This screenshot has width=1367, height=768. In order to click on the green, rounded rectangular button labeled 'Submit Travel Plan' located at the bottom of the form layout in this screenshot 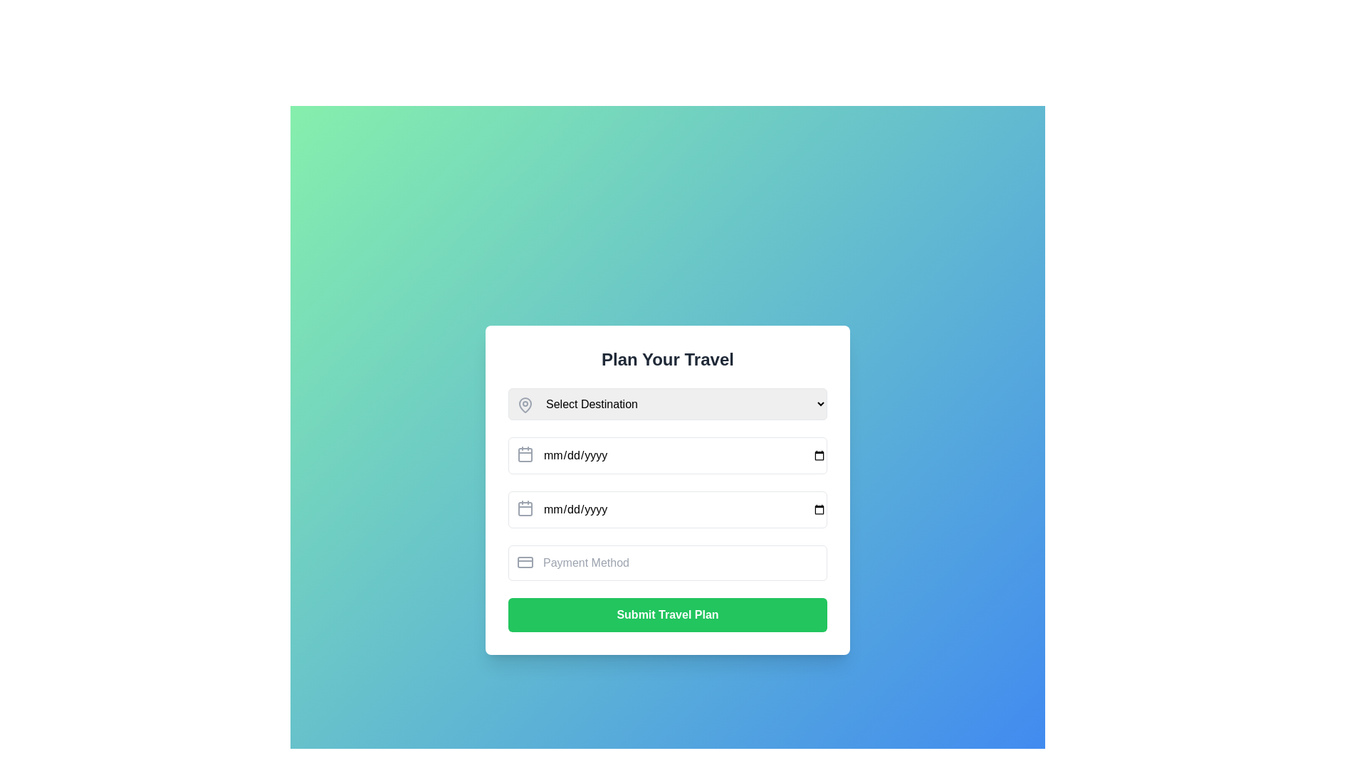, I will do `click(666, 614)`.